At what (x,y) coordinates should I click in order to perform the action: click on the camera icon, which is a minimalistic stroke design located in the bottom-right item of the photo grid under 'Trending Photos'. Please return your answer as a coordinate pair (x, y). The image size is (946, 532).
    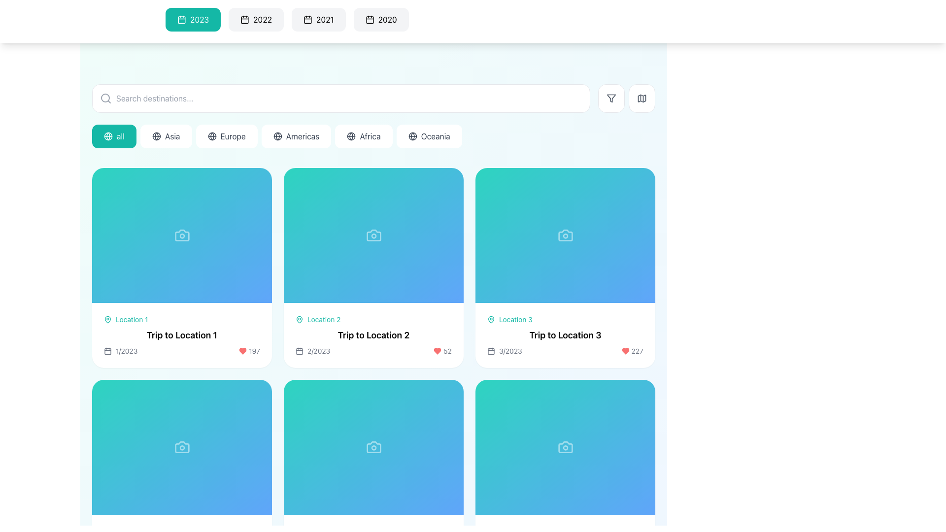
    Looking at the image, I should click on (182, 447).